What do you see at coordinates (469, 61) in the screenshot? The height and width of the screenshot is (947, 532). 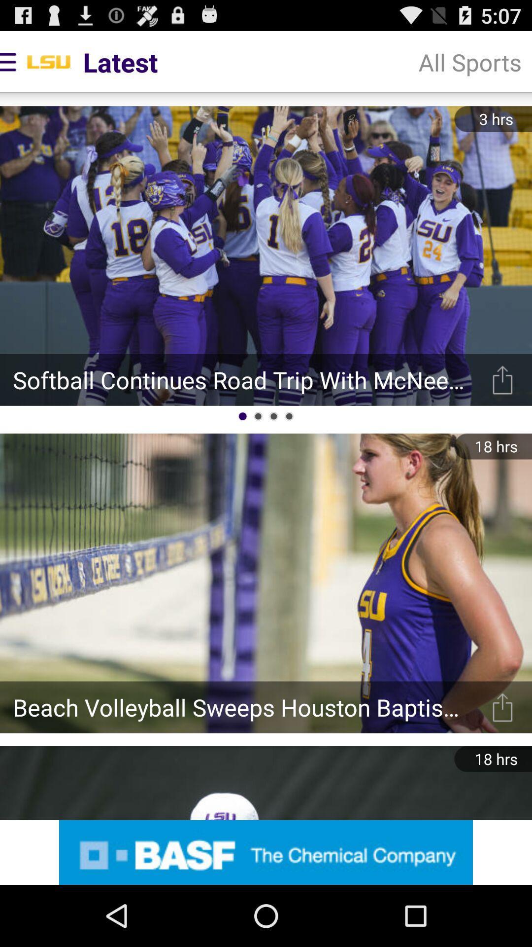 I see `all sports` at bounding box center [469, 61].